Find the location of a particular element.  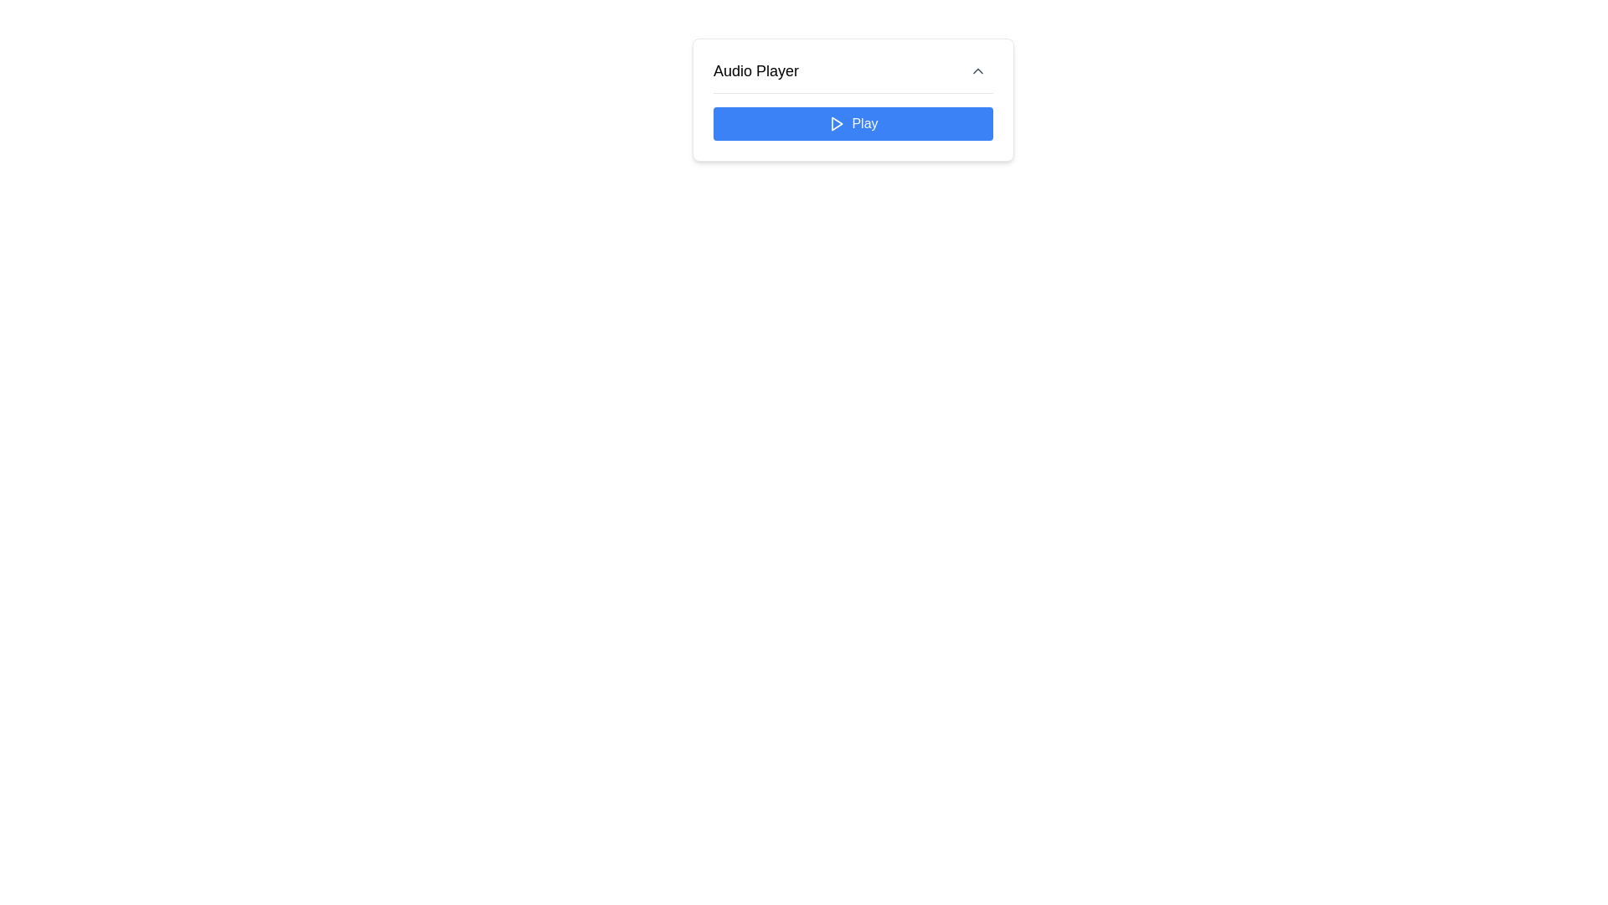

the interactive button featuring an upward-pointing chevron symbol, located to the right of the 'Audio Player' text is located at coordinates (977, 70).